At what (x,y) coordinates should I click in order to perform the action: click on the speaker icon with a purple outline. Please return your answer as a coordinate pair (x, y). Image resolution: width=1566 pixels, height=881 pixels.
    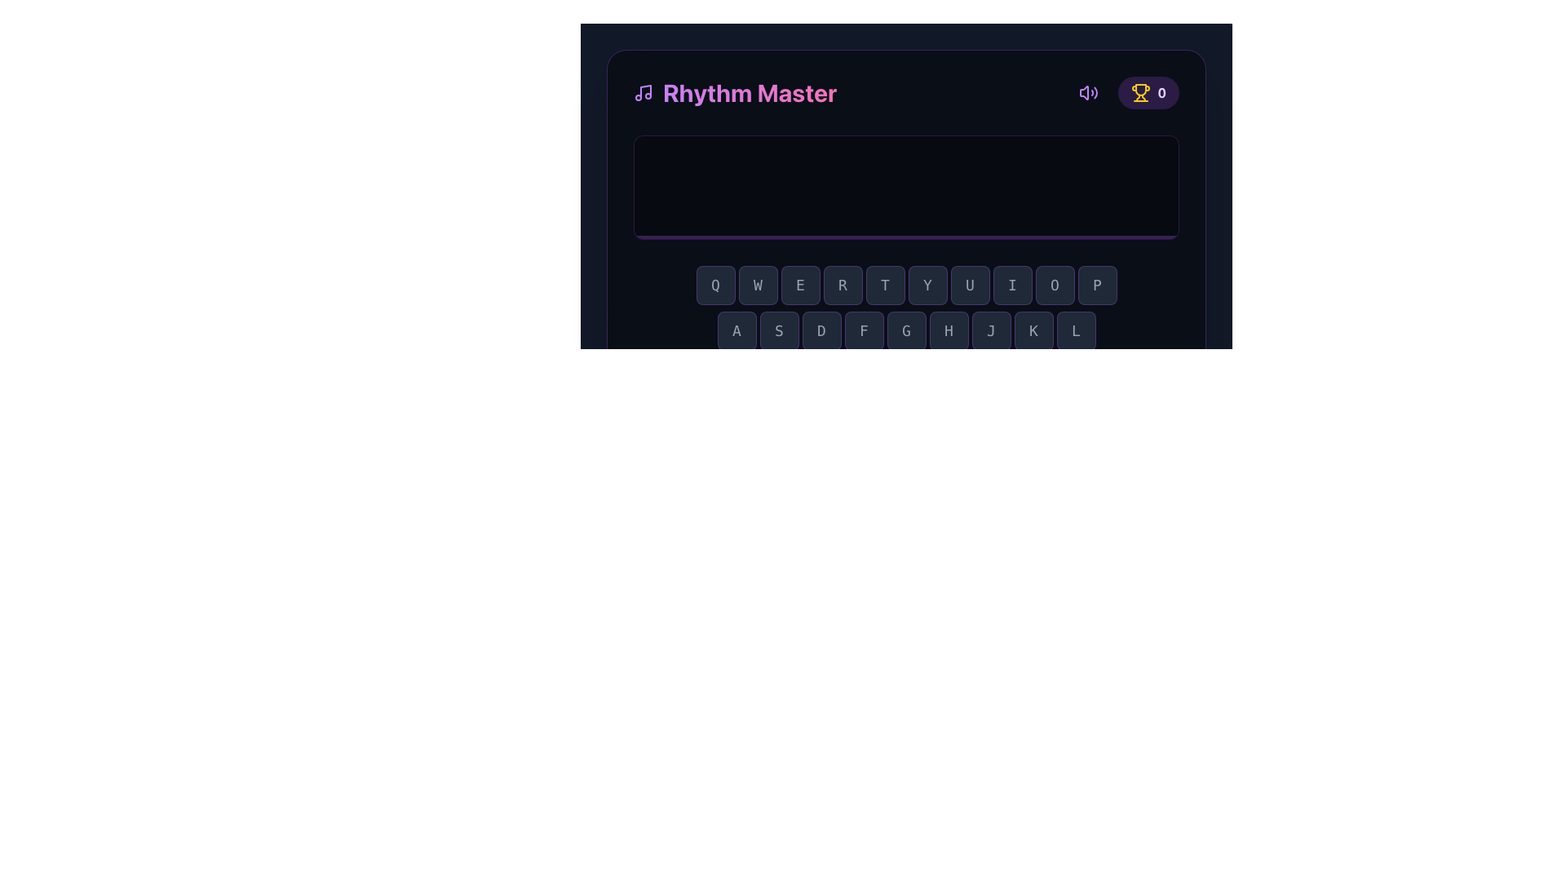
    Looking at the image, I should click on (1089, 93).